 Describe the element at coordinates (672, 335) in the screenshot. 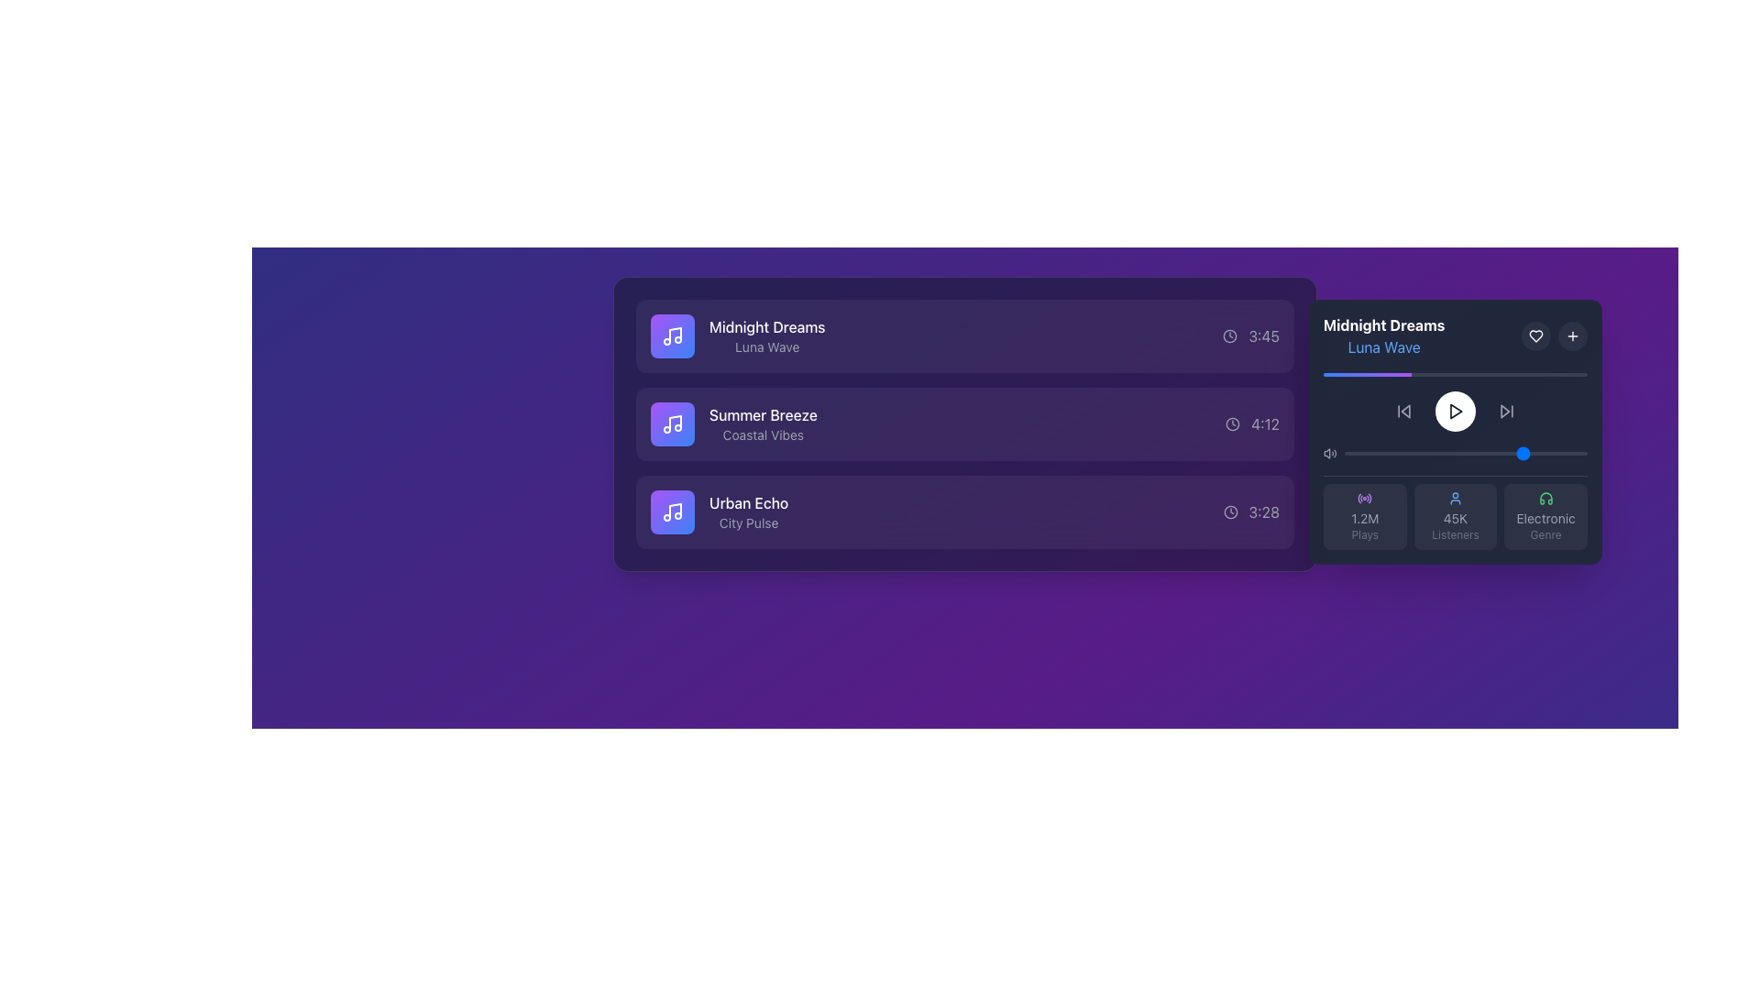

I see `the decorative button with a music note icon, which is a rounded square button styled with a gradient from purple to blue, located at the beginning of the list item titled 'Midnight Dreams' with subtitle 'Luna Wave'` at that location.